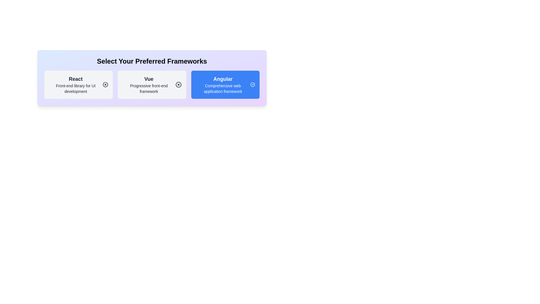 The width and height of the screenshot is (540, 304). I want to click on the chip labeled Vue, so click(152, 84).